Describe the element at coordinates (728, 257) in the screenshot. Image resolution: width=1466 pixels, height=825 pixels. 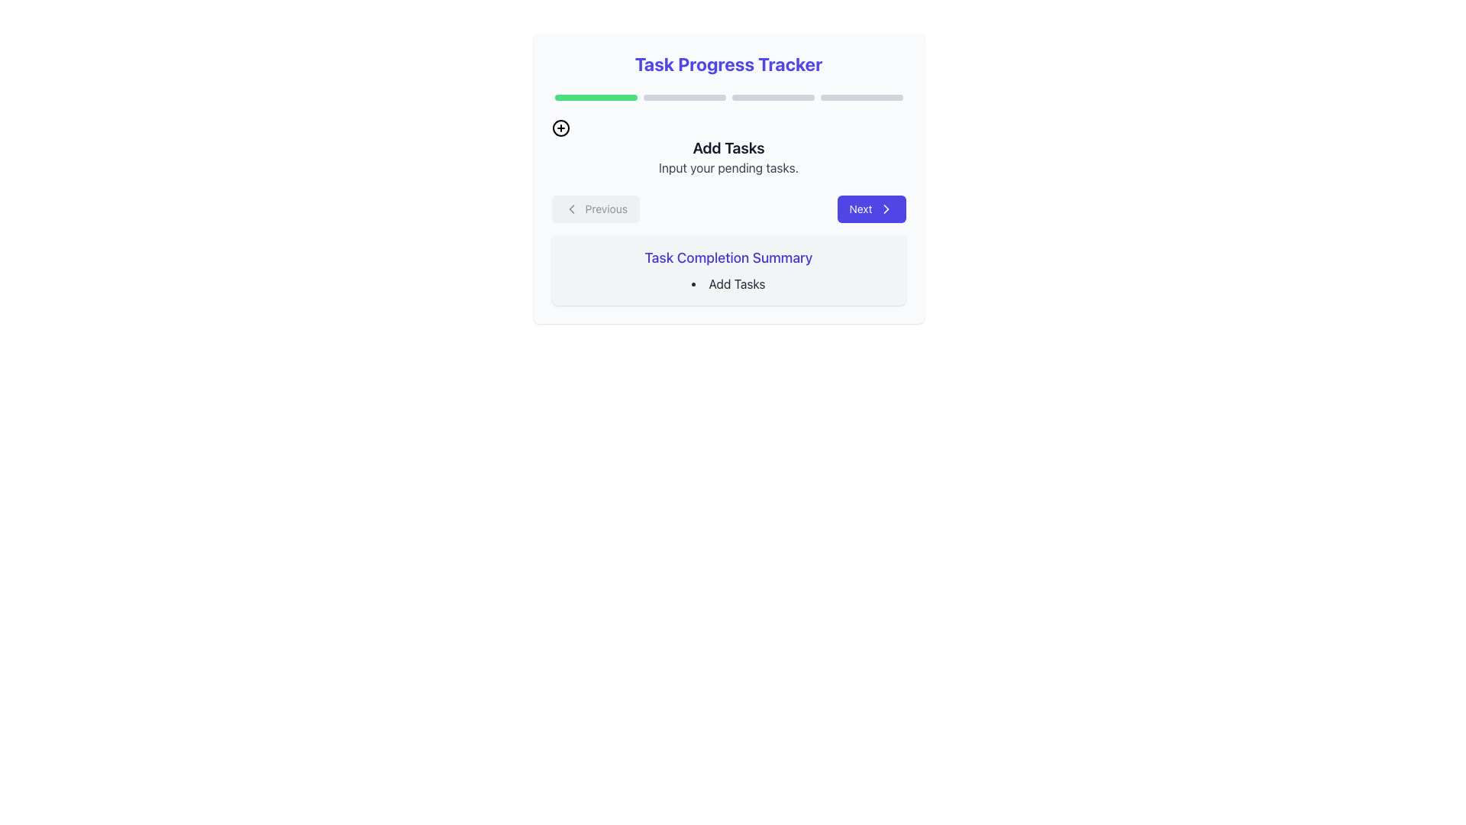
I see `the title text element for the 'Task Completion Summary' section, which is located at the top-left corner of its light gray rounded box, above the 'Add Tasks' list item` at that location.